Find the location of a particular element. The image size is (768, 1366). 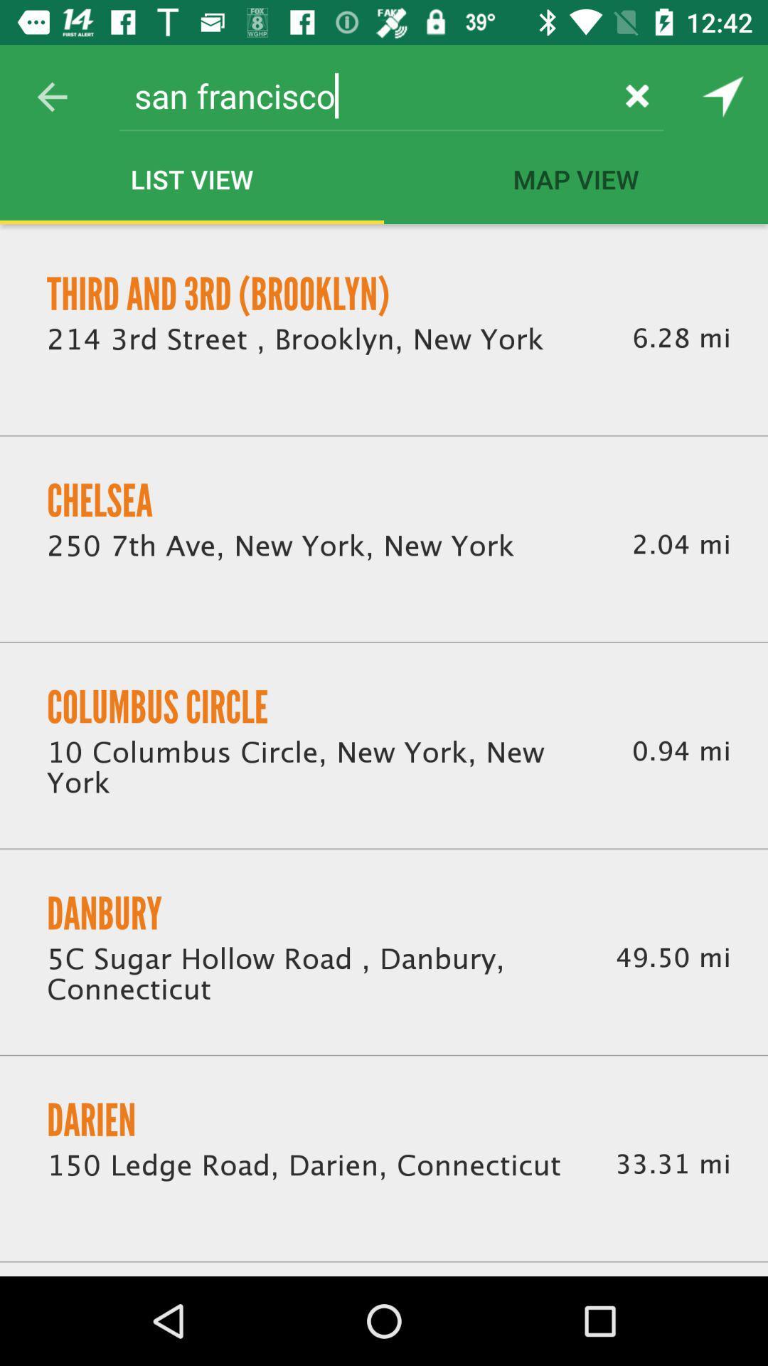

the item above 2.04 mi icon is located at coordinates (681, 337).